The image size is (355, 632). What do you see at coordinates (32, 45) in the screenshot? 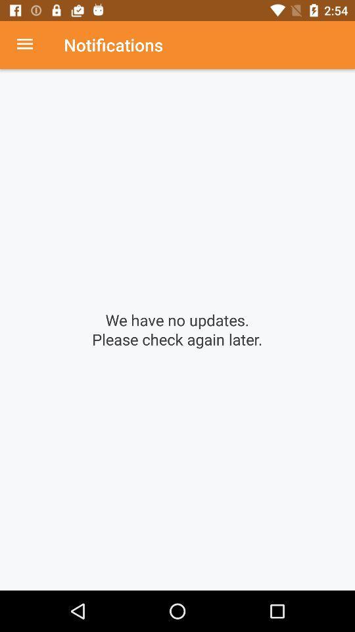
I see `menu items` at bounding box center [32, 45].